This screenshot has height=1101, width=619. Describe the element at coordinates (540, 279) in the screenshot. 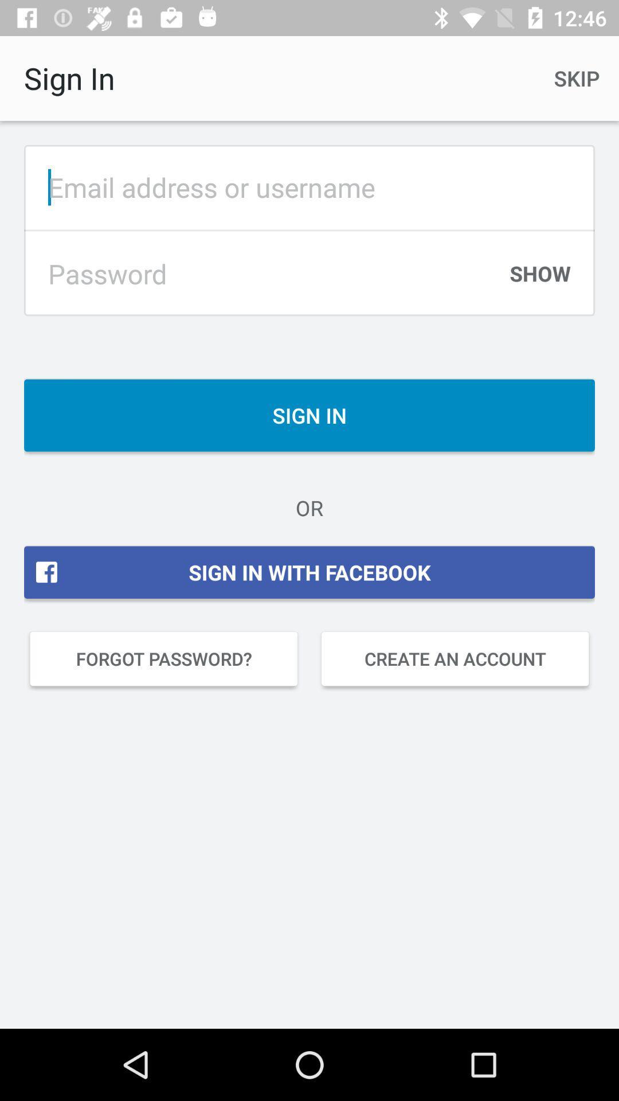

I see `show item` at that location.